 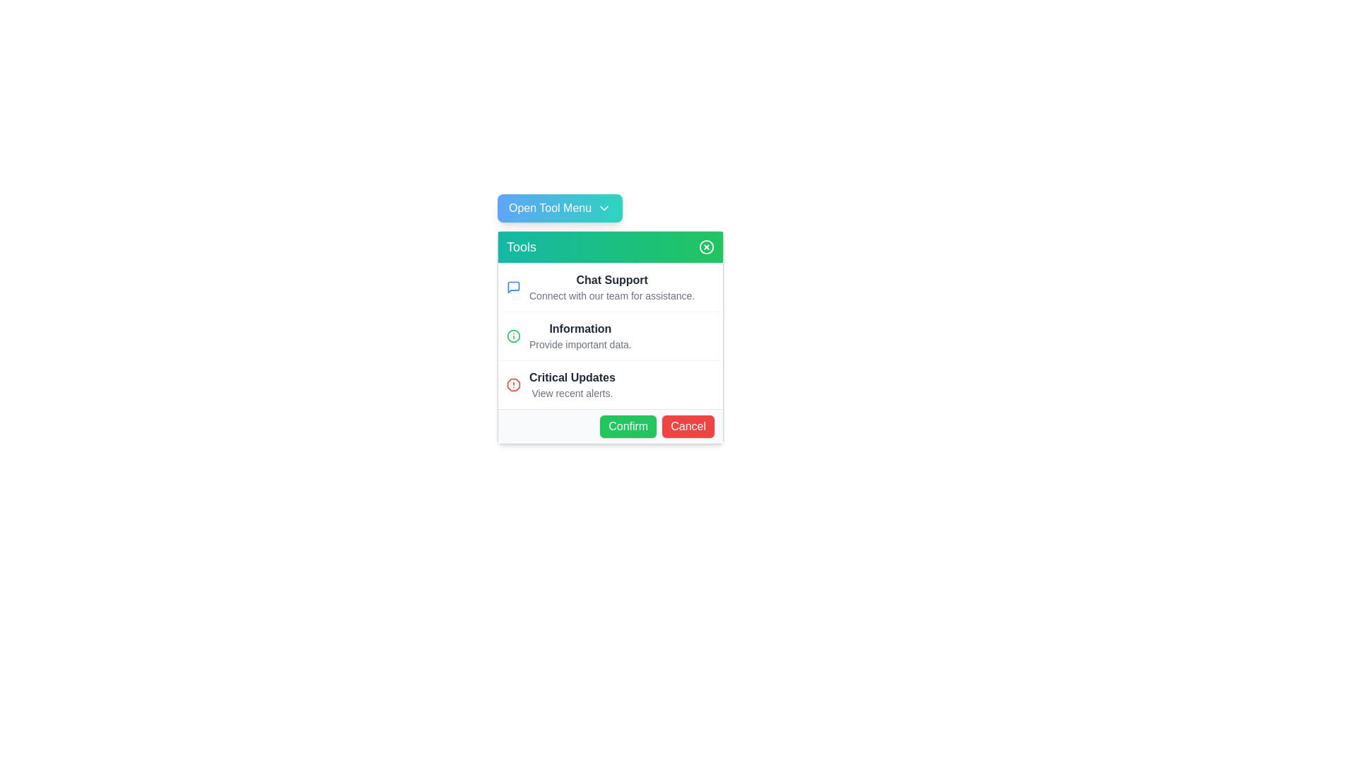 What do you see at coordinates (580, 345) in the screenshot?
I see `descriptive text element located beneath the 'Information' header in the tools section of the card interface` at bounding box center [580, 345].